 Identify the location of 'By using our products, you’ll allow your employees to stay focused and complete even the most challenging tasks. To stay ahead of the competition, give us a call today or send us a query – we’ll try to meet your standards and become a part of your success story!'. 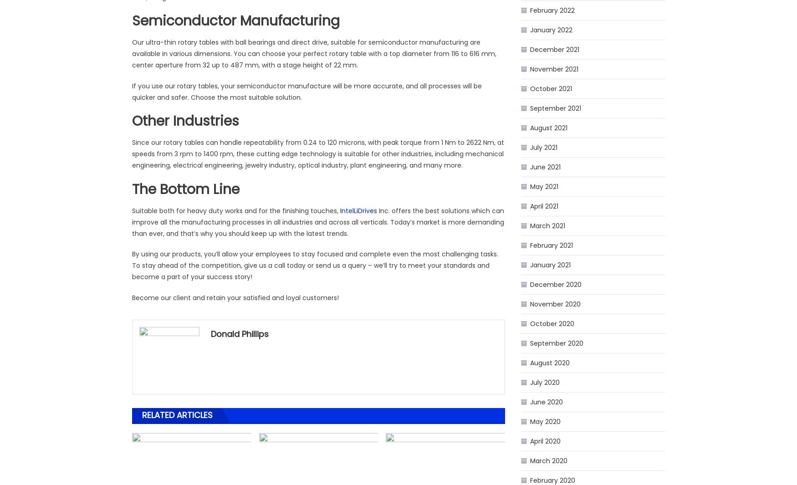
(315, 265).